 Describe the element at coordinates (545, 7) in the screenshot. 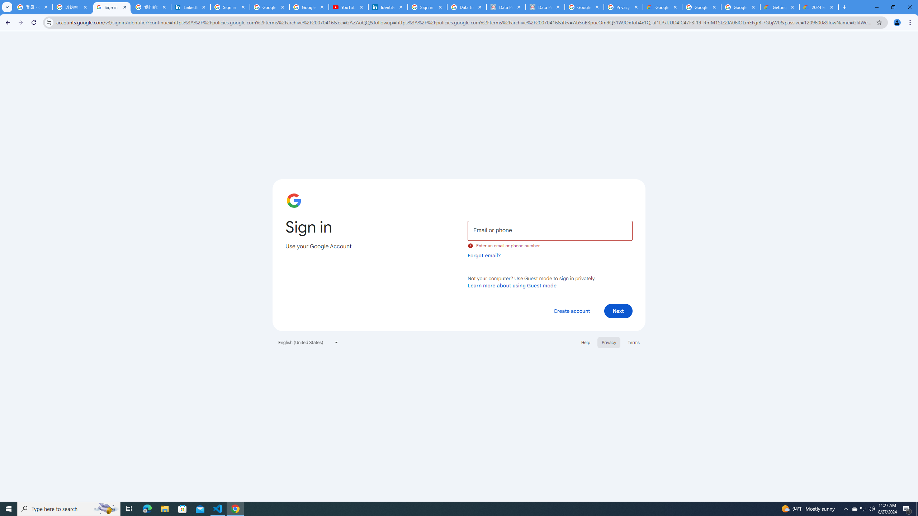

I see `'Data Privacy Framework'` at that location.